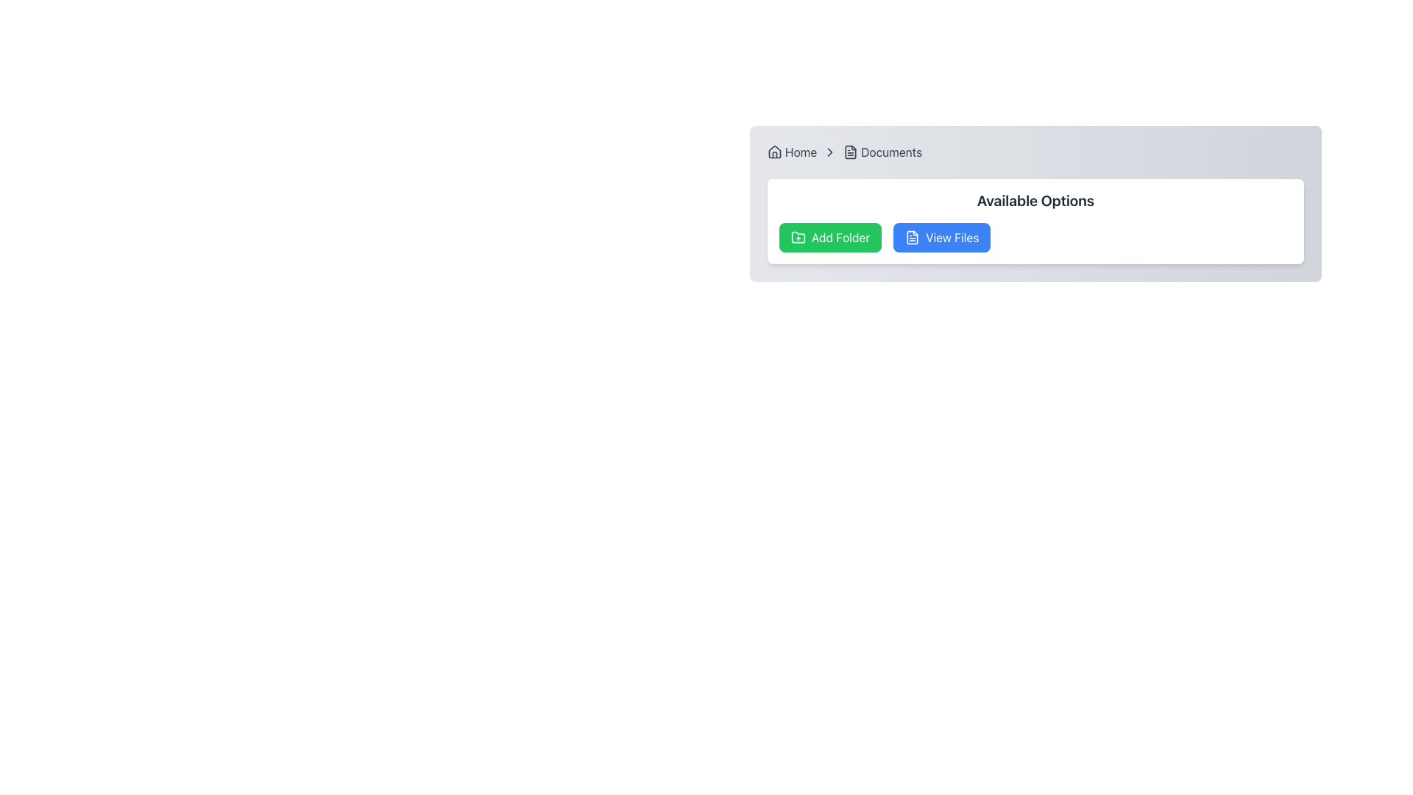  Describe the element at coordinates (800, 152) in the screenshot. I see `the 'Home' text label in the breadcrumb navigation bar` at that location.